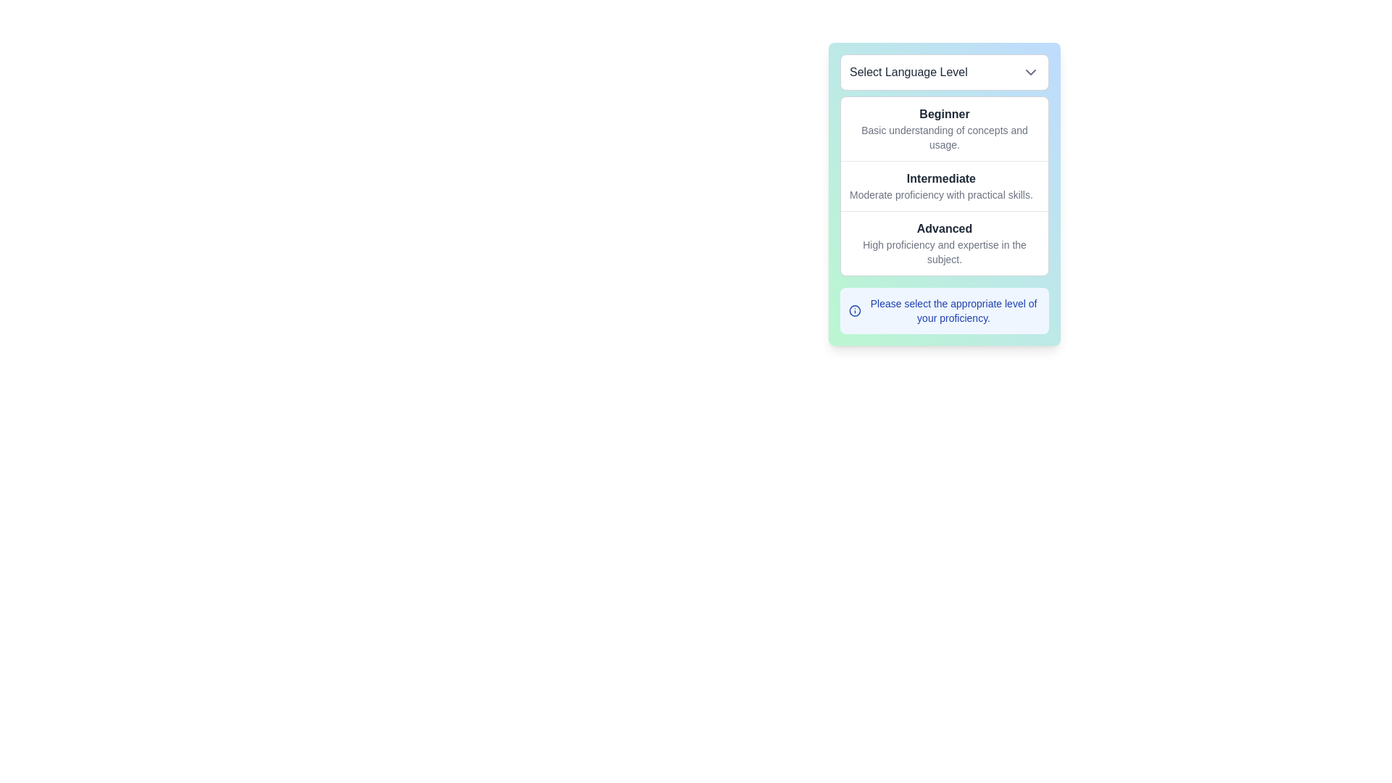 This screenshot has width=1392, height=783. Describe the element at coordinates (944, 251) in the screenshot. I see `the descriptive text label providing additional information about the 'Advanced' language level, which is positioned directly below the 'Advanced' text in the 'Select Language Level' dropdown menu` at that location.